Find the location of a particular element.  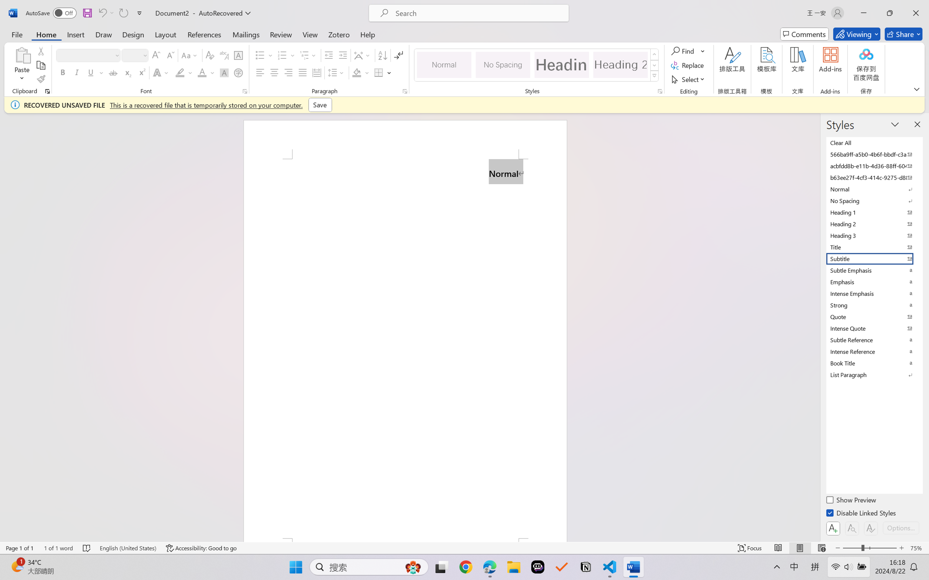

'Replace...' is located at coordinates (688, 65).